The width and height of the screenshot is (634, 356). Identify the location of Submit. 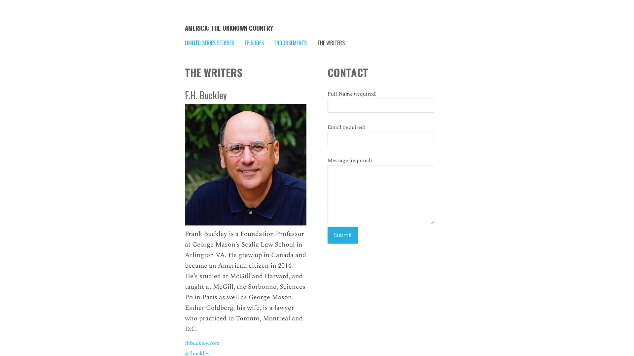
(342, 235).